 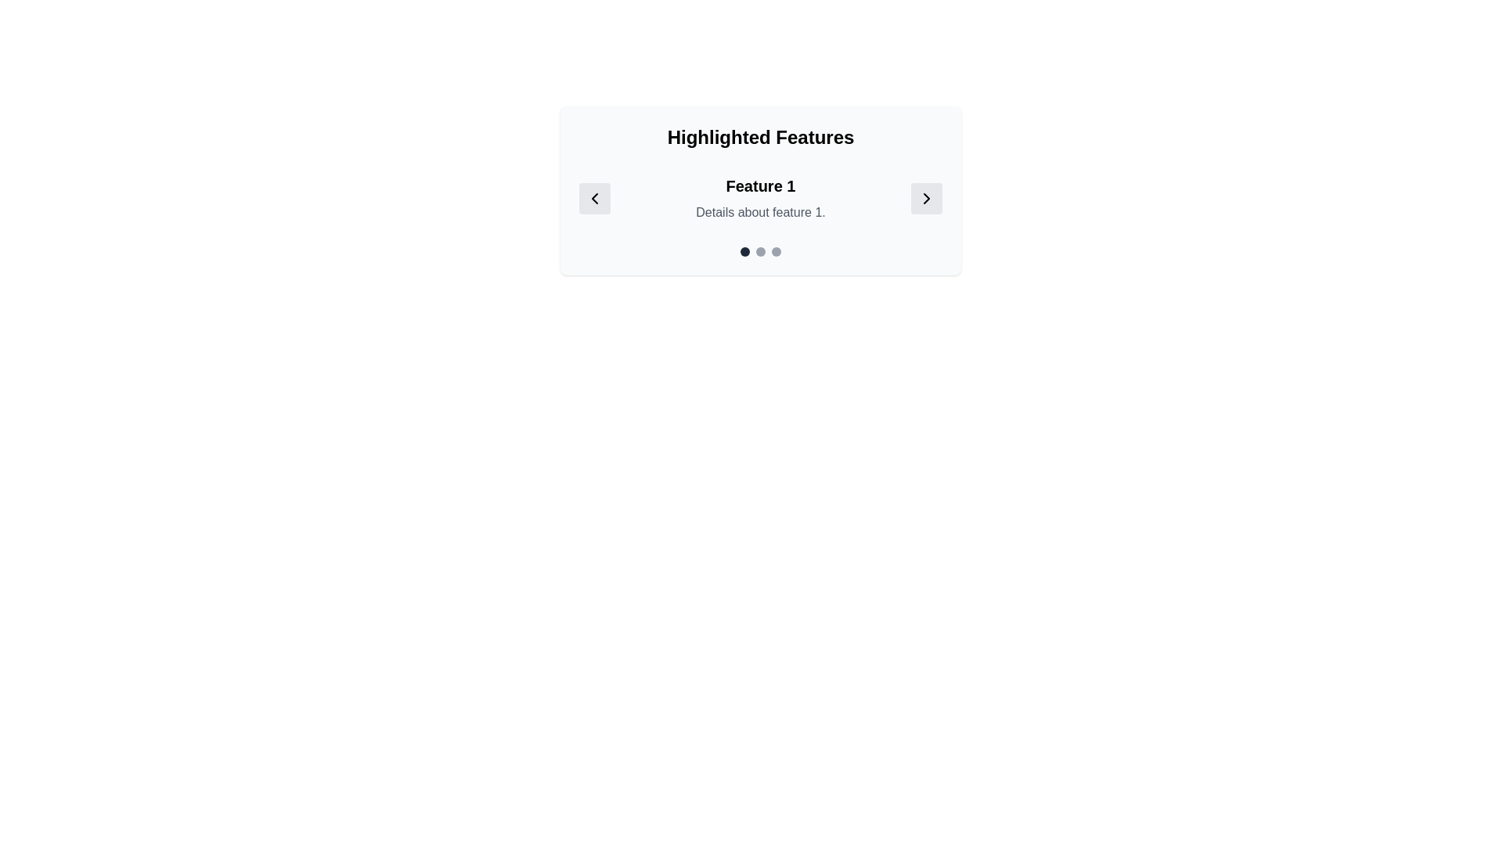 What do you see at coordinates (760, 250) in the screenshot?
I see `the second Carousel indicator dot located at the bottom center of the 'Featured Section'` at bounding box center [760, 250].